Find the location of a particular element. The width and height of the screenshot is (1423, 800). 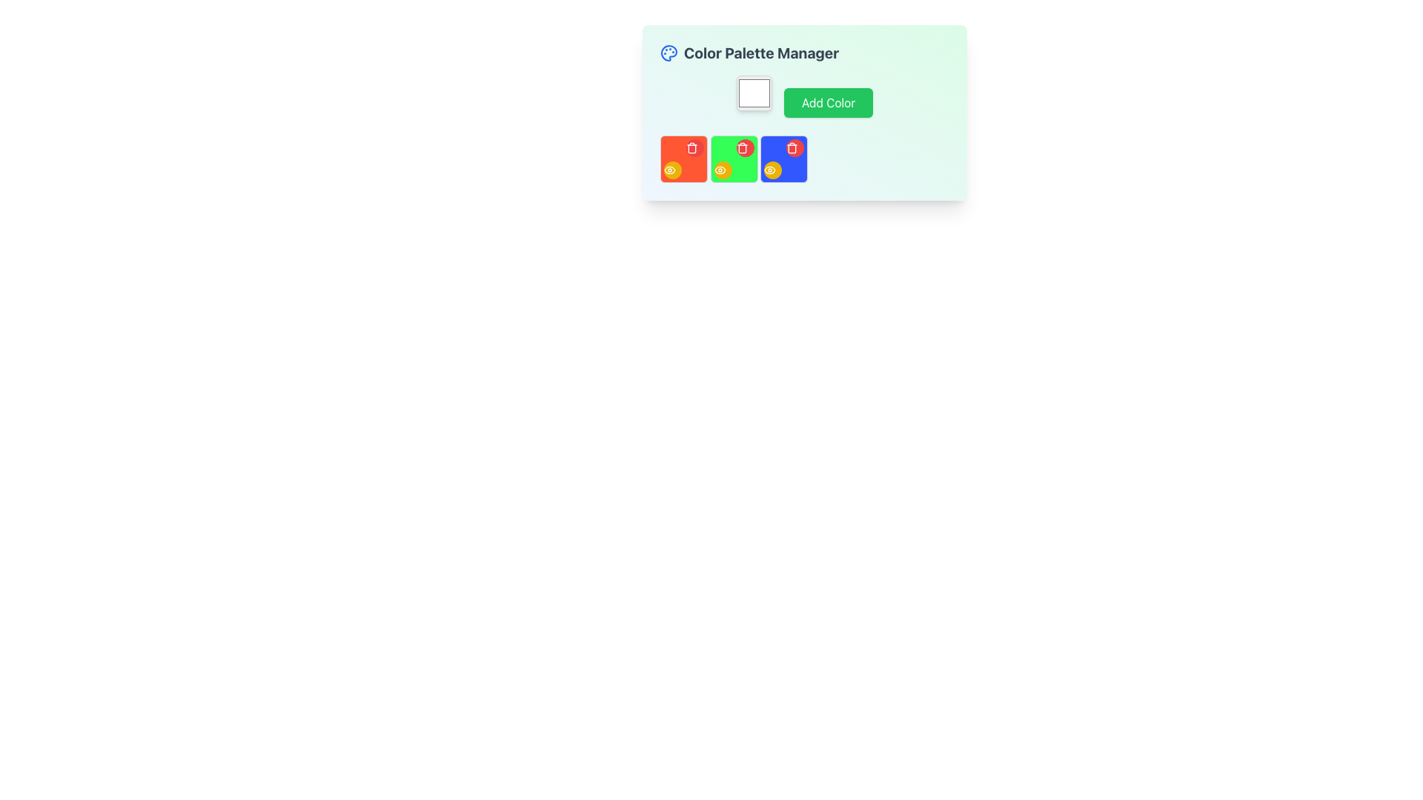

the red circular delete icon button located in the top-right corner of the blue square tile in the second row of the color tiles section to receive a tooltip is located at coordinates (792, 148).